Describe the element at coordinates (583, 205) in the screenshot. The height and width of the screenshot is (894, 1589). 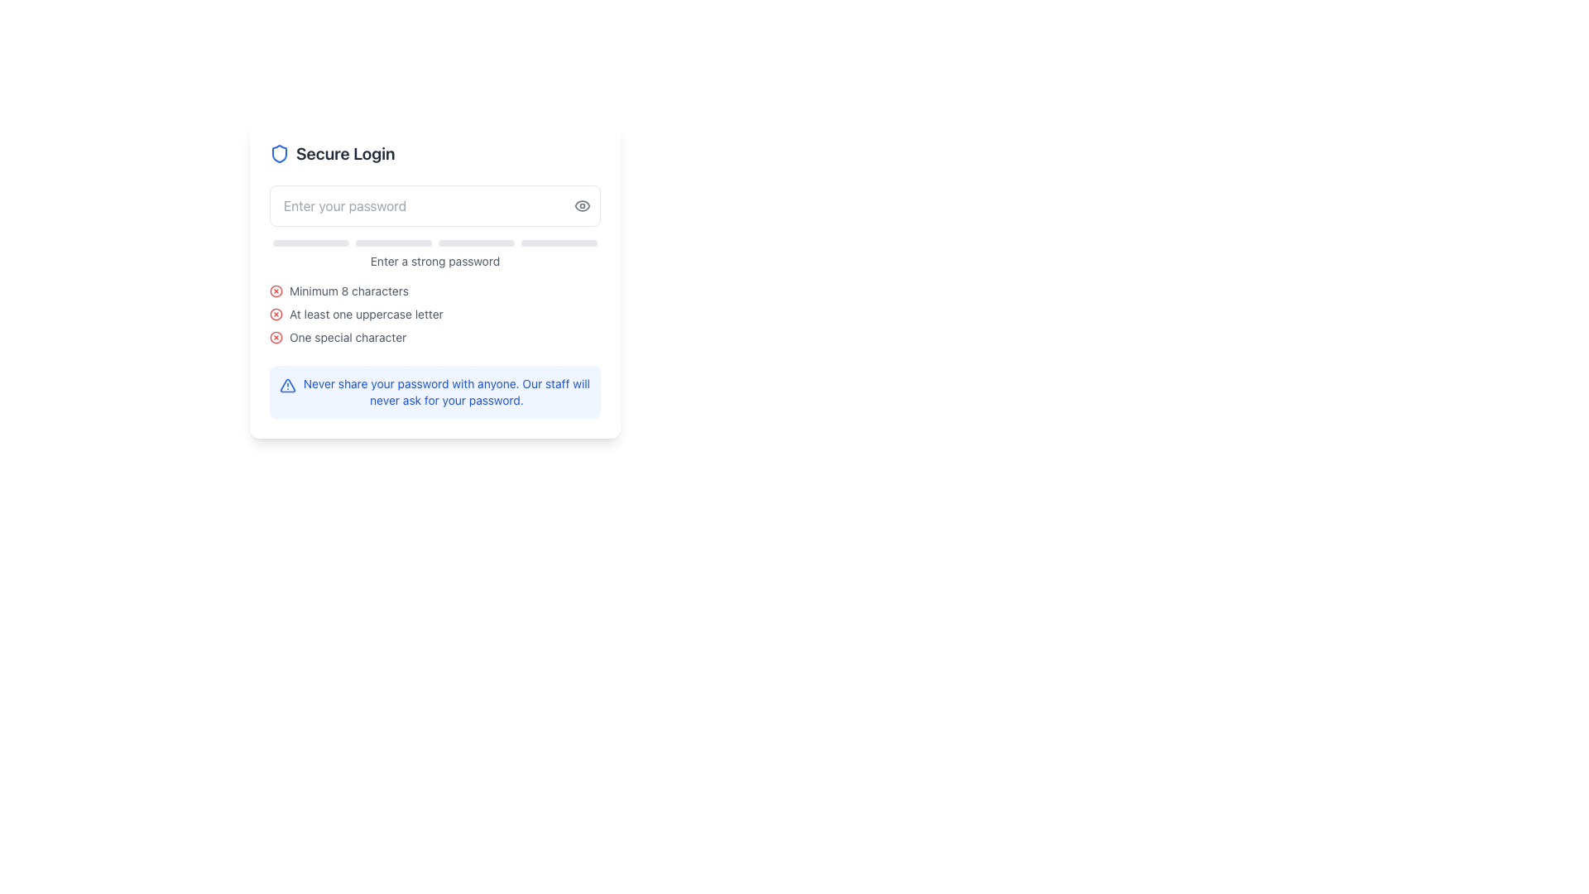
I see `the eye-shaped icon button used for toggling password visibility, located at the far right side of the password input field` at that location.